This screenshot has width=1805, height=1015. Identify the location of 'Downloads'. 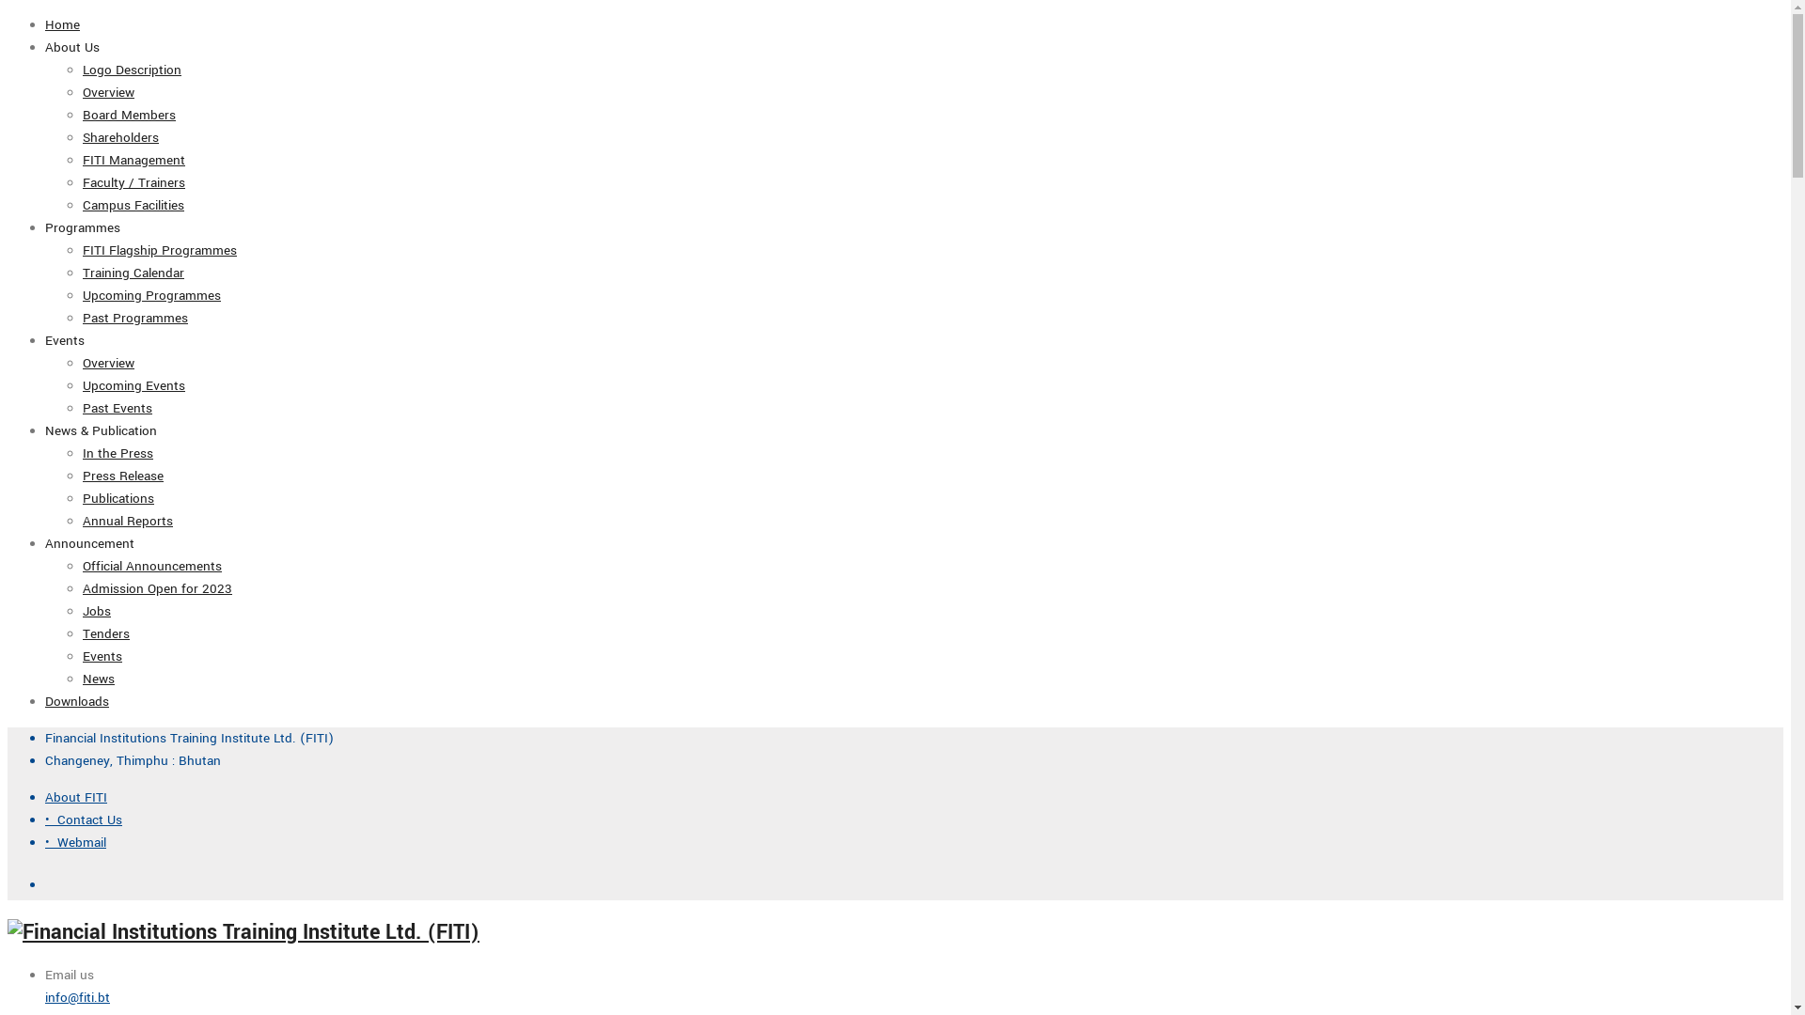
(75, 701).